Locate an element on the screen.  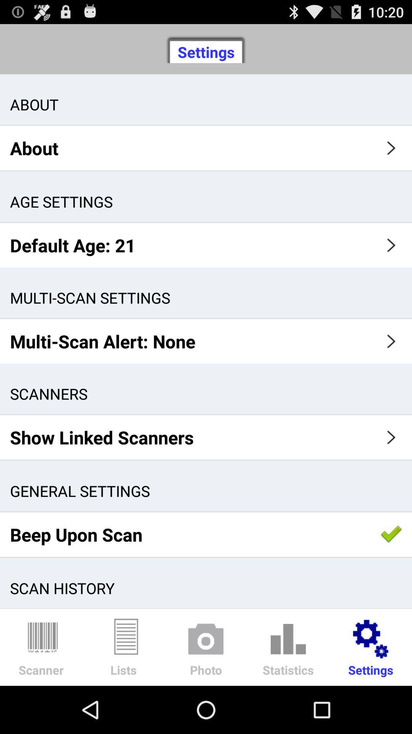
beep upon scan is located at coordinates (206, 534).